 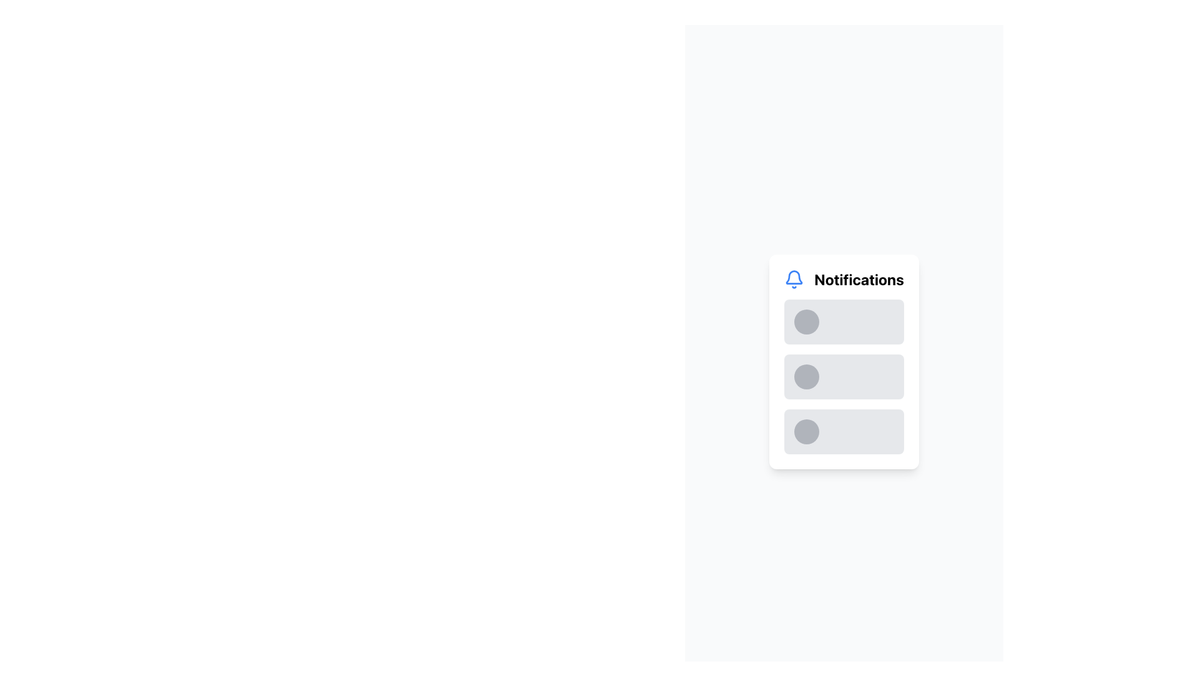 What do you see at coordinates (844, 431) in the screenshot?
I see `the third item in the vertically stacked list of notification entries, which serves as a visual placeholder for a notification entry` at bounding box center [844, 431].